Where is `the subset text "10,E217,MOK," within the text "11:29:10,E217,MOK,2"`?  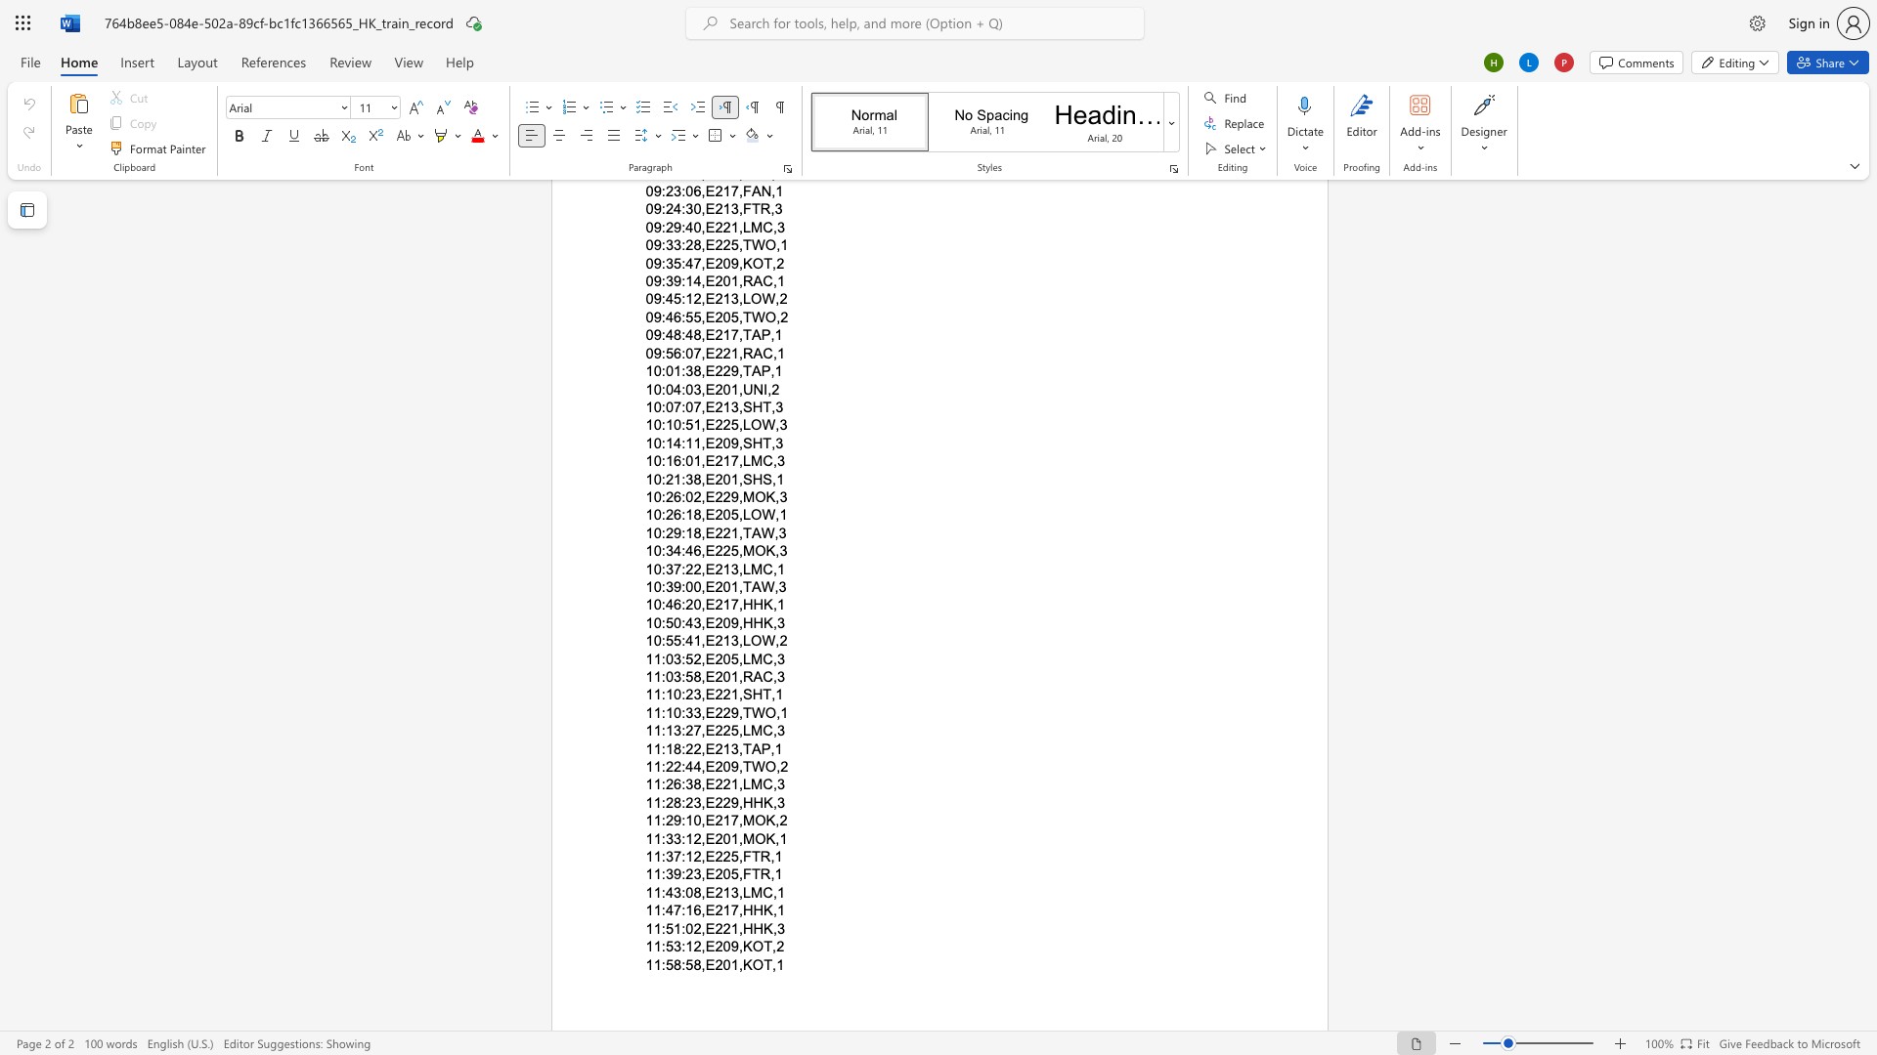
the subset text "10,E217,MOK," within the text "11:29:10,E217,MOK,2" is located at coordinates (685, 821).